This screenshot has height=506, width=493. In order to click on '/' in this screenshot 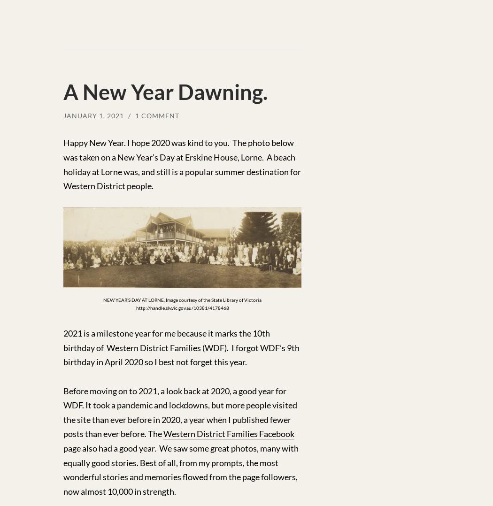, I will do `click(130, 115)`.